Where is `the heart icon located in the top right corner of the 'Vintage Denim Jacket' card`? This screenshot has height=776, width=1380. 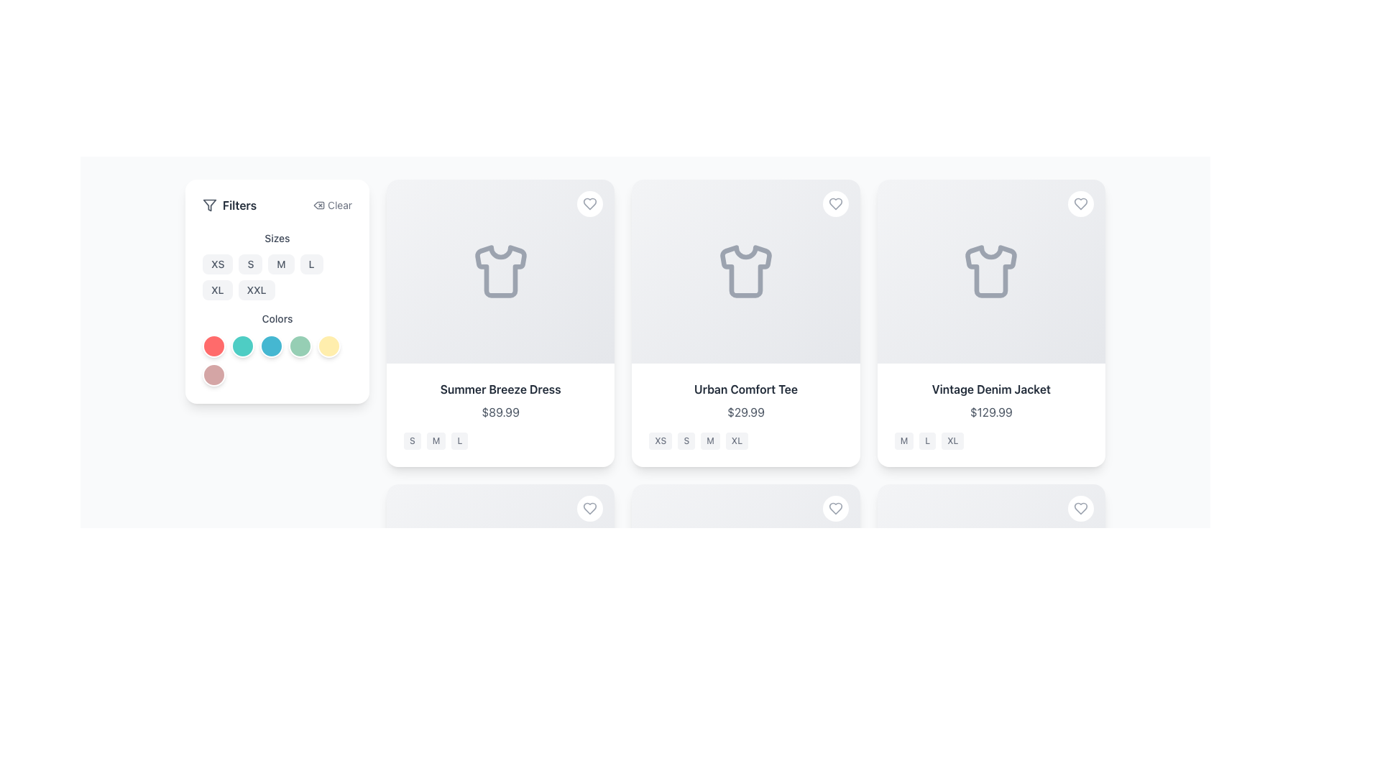 the heart icon located in the top right corner of the 'Vintage Denim Jacket' card is located at coordinates (1080, 508).